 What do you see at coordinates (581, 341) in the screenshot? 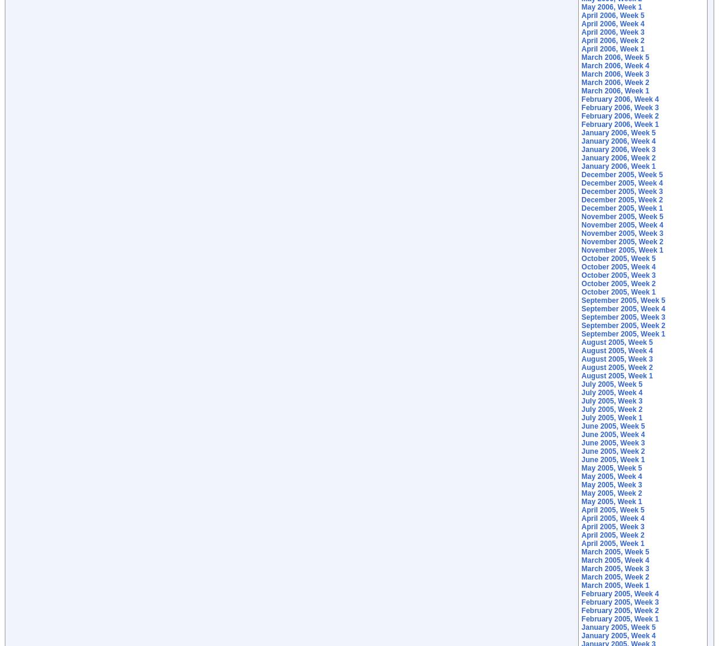
I see `'August 2005, Week 5'` at bounding box center [581, 341].